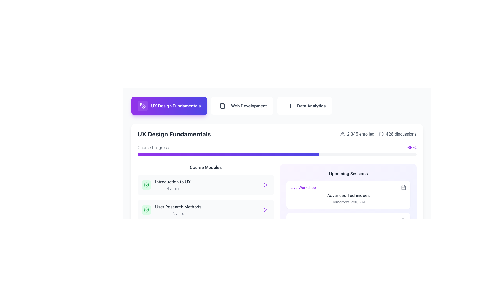 This screenshot has height=281, width=500. I want to click on the course module list item titled 'User Research Methods' located, so click(171, 209).